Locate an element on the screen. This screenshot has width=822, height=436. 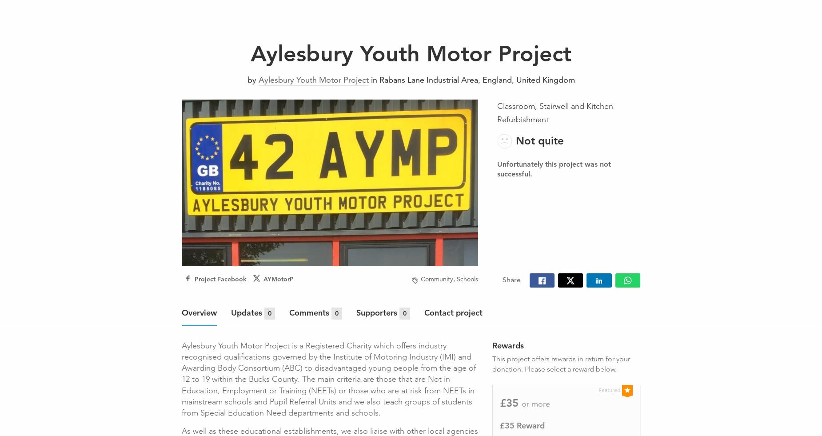
'This project offers rewards in return for your donation. Please select a reward below.' is located at coordinates (560, 364).